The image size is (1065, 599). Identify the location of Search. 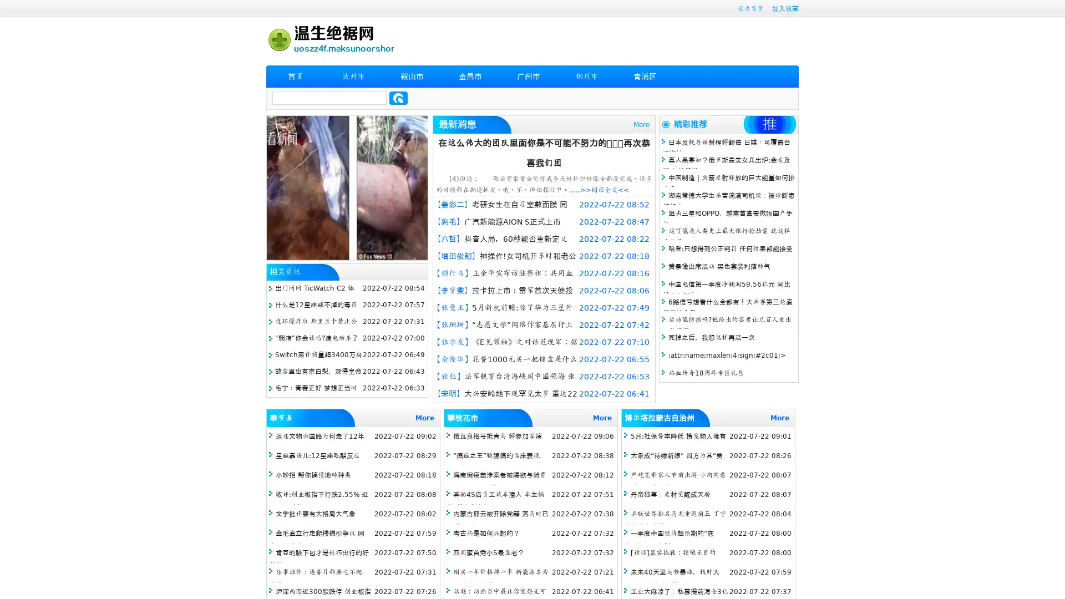
(398, 98).